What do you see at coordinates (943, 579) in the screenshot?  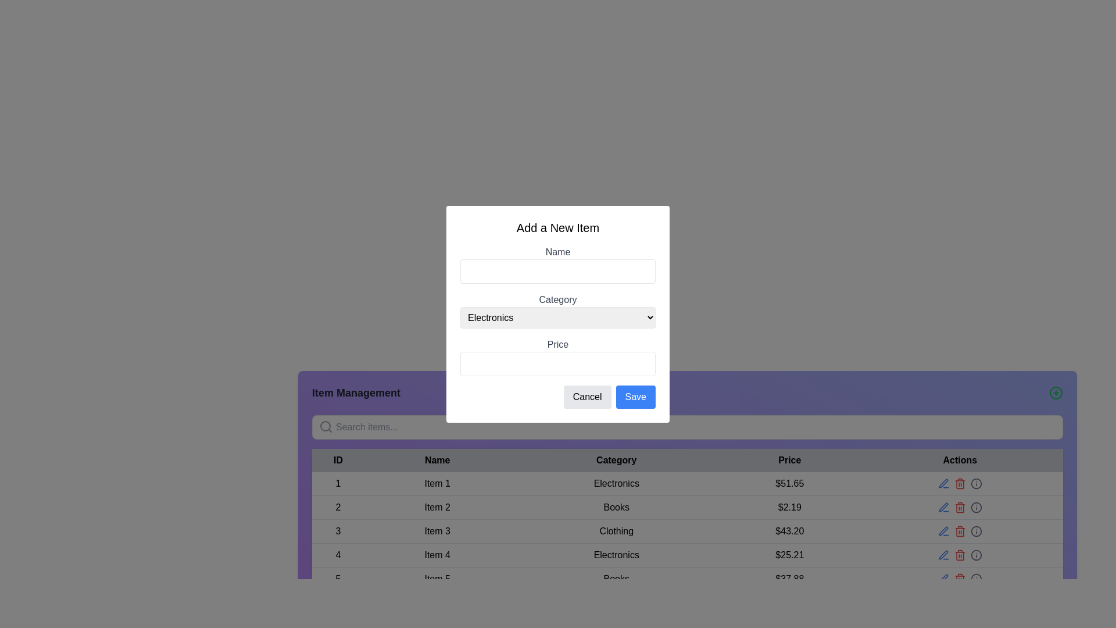 I see `the 'Edit' icon button located in the 'Actions' column of the last row of the table to initiate the edit action` at bounding box center [943, 579].